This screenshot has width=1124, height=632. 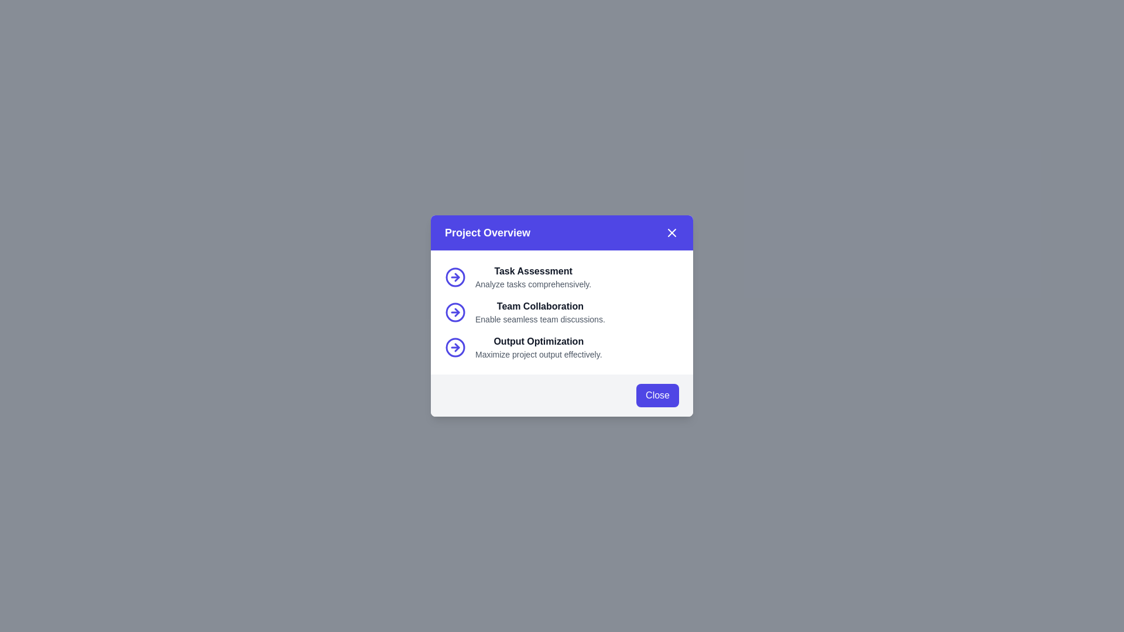 What do you see at coordinates (454, 277) in the screenshot?
I see `the circular icon with a blue outline, which is located inside a larger circular icon to the left of the text 'Task Assessment' in the 'Project Overview' dialog box` at bounding box center [454, 277].